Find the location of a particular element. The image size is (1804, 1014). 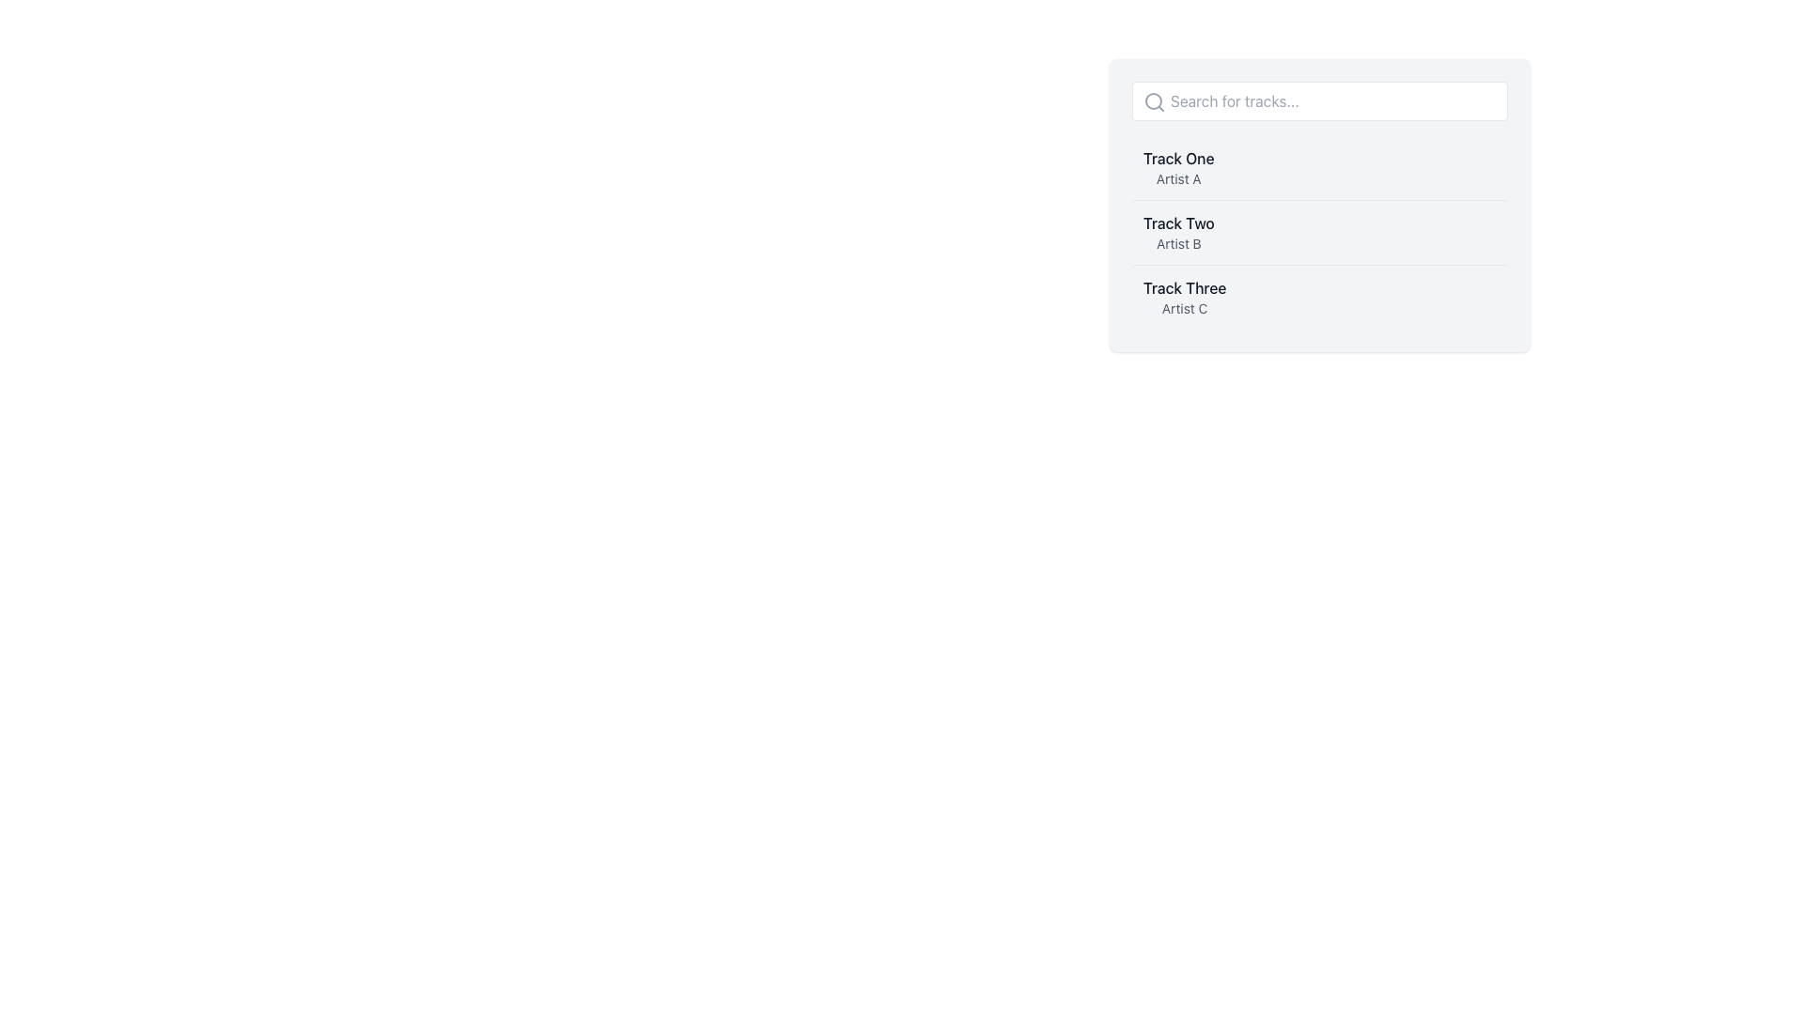

the static text label providing information about the artist associated with 'Track Three', located directly below the bold label 'Track Three' is located at coordinates (1184, 307).